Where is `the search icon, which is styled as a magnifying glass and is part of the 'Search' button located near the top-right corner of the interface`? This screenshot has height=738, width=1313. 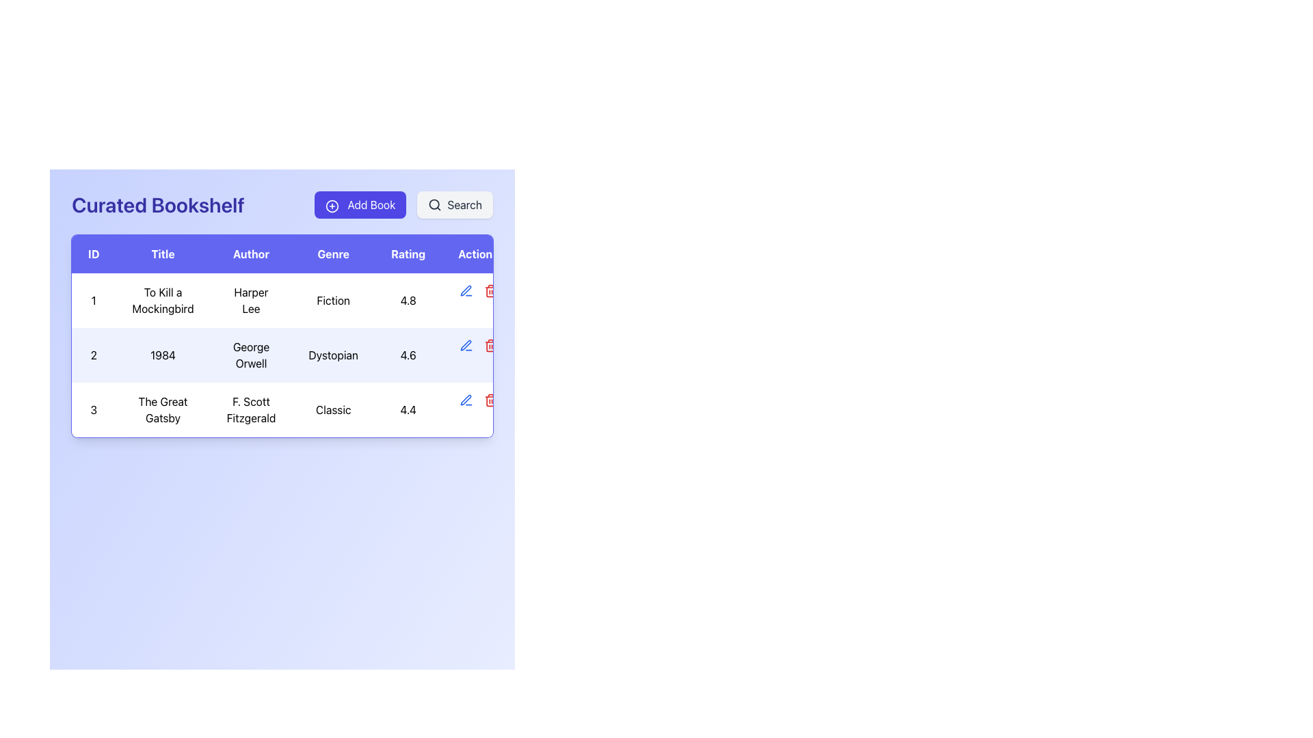 the search icon, which is styled as a magnifying glass and is part of the 'Search' button located near the top-right corner of the interface is located at coordinates (434, 205).